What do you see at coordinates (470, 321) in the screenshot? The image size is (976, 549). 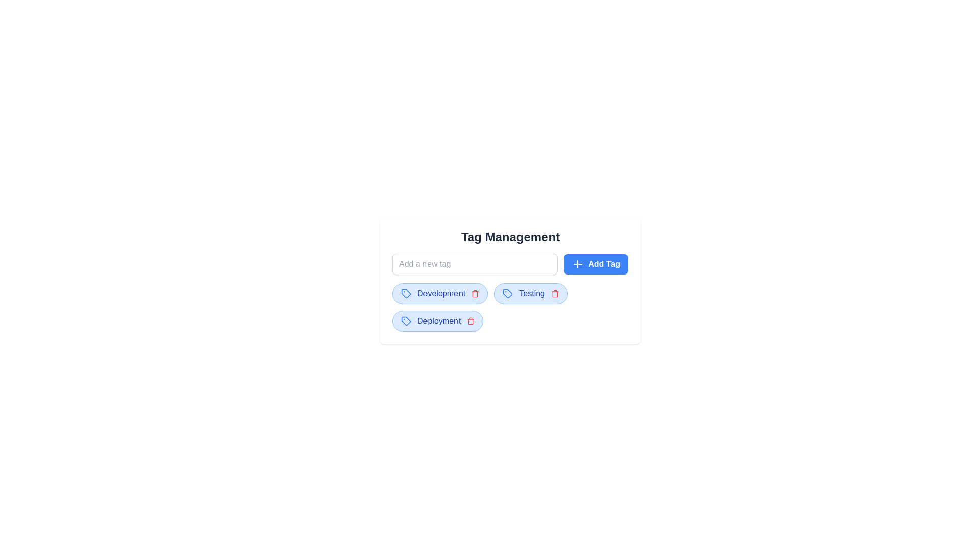 I see `the tag Deployment by clicking the trash icon next to it` at bounding box center [470, 321].